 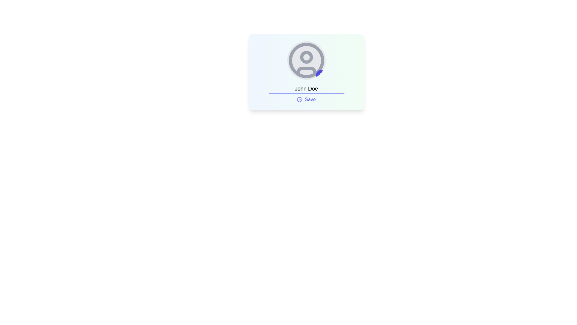 I want to click on the 'Save' button, so click(x=306, y=99).